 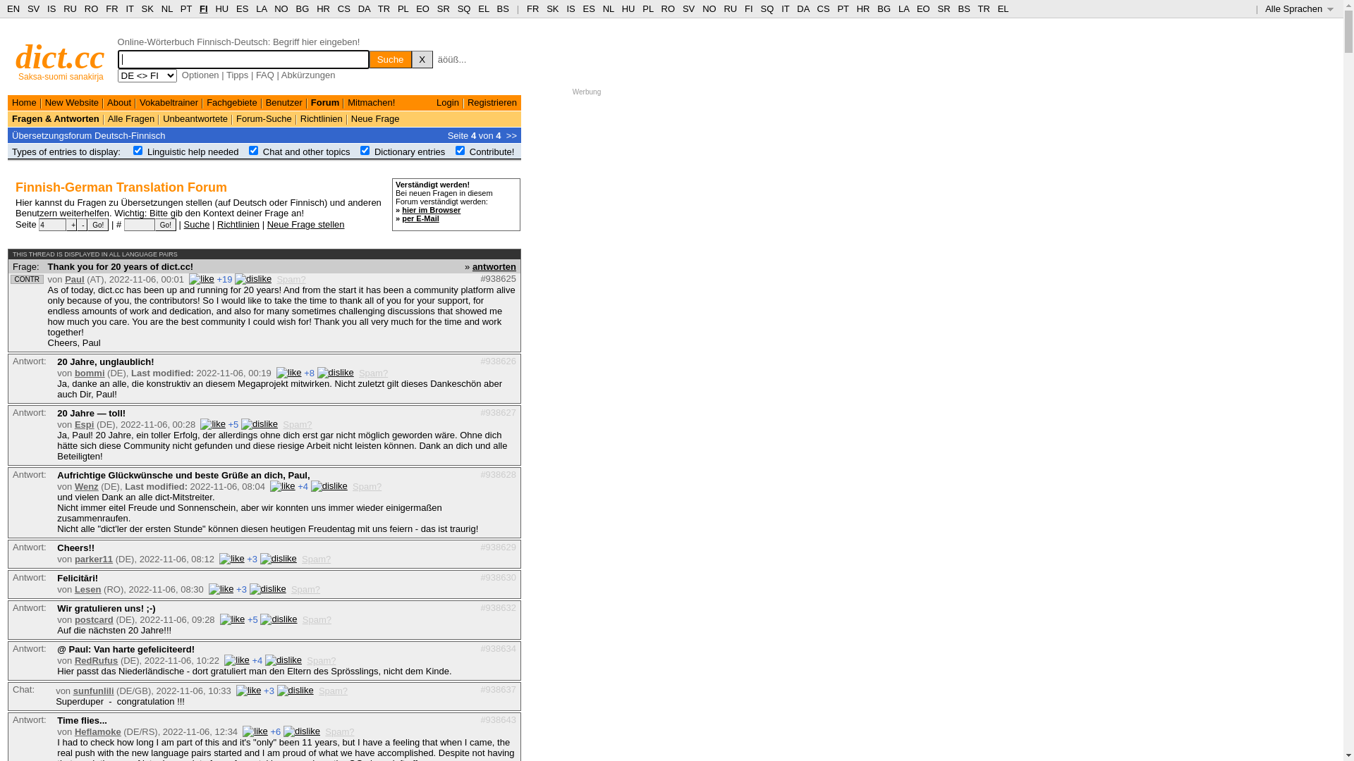 I want to click on 'Alle Fragen', so click(x=107, y=118).